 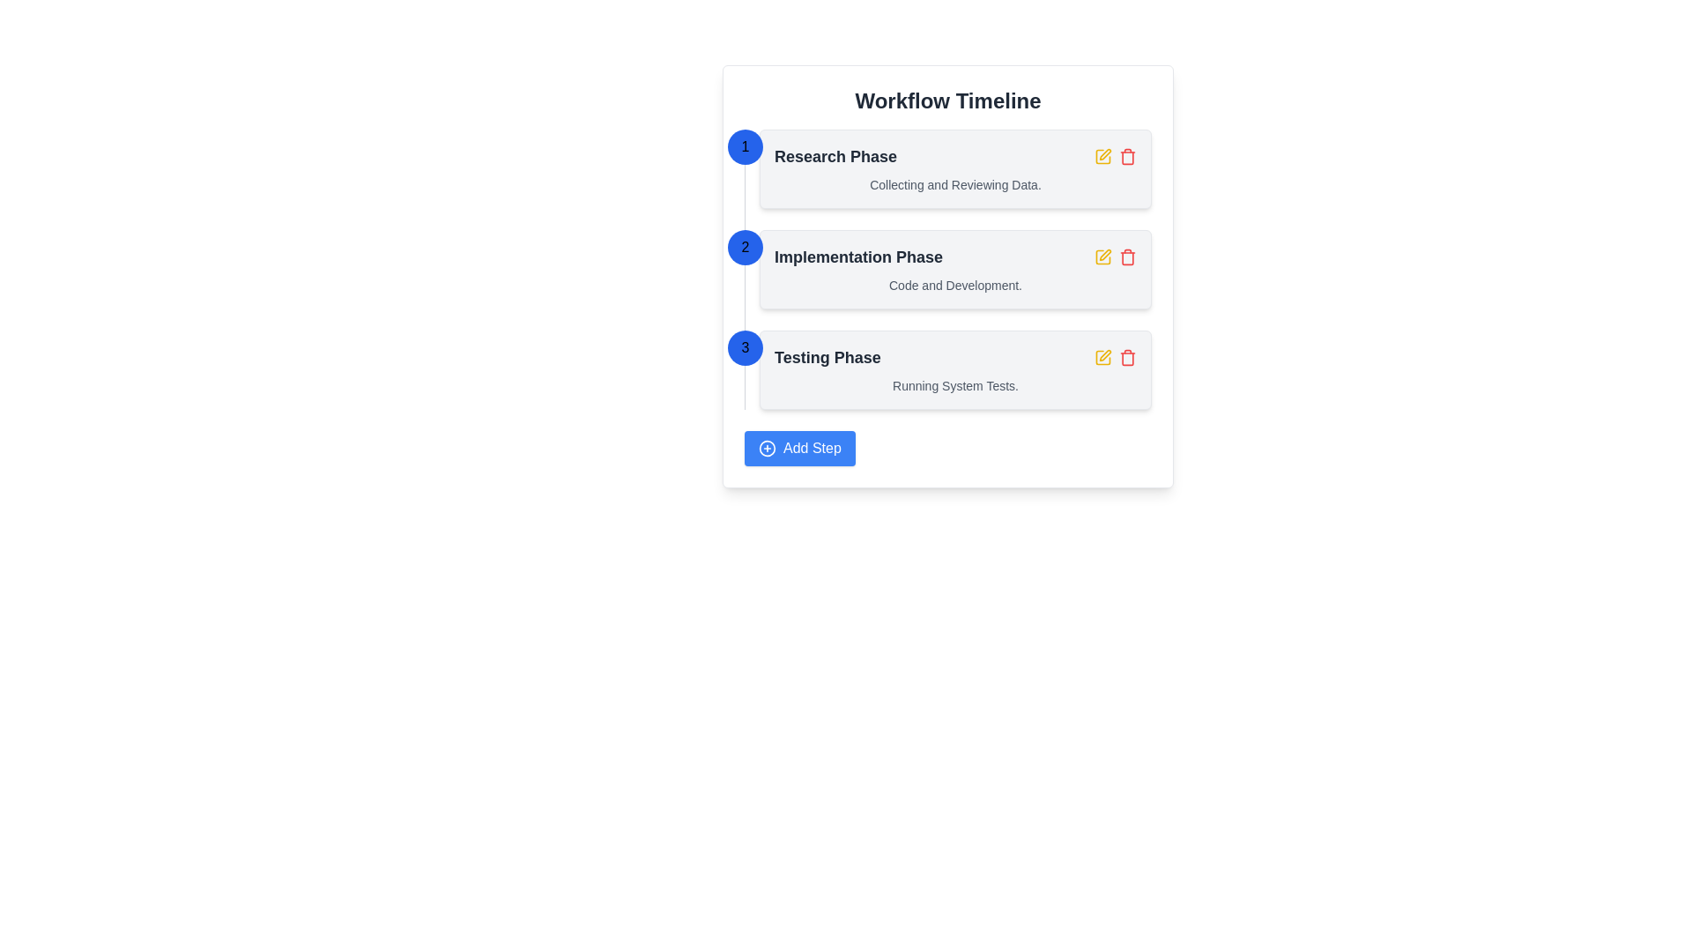 I want to click on the text element that serves as a description or subtitle for the 'Implementation Phase' section, located under the header text, so click(x=954, y=285).